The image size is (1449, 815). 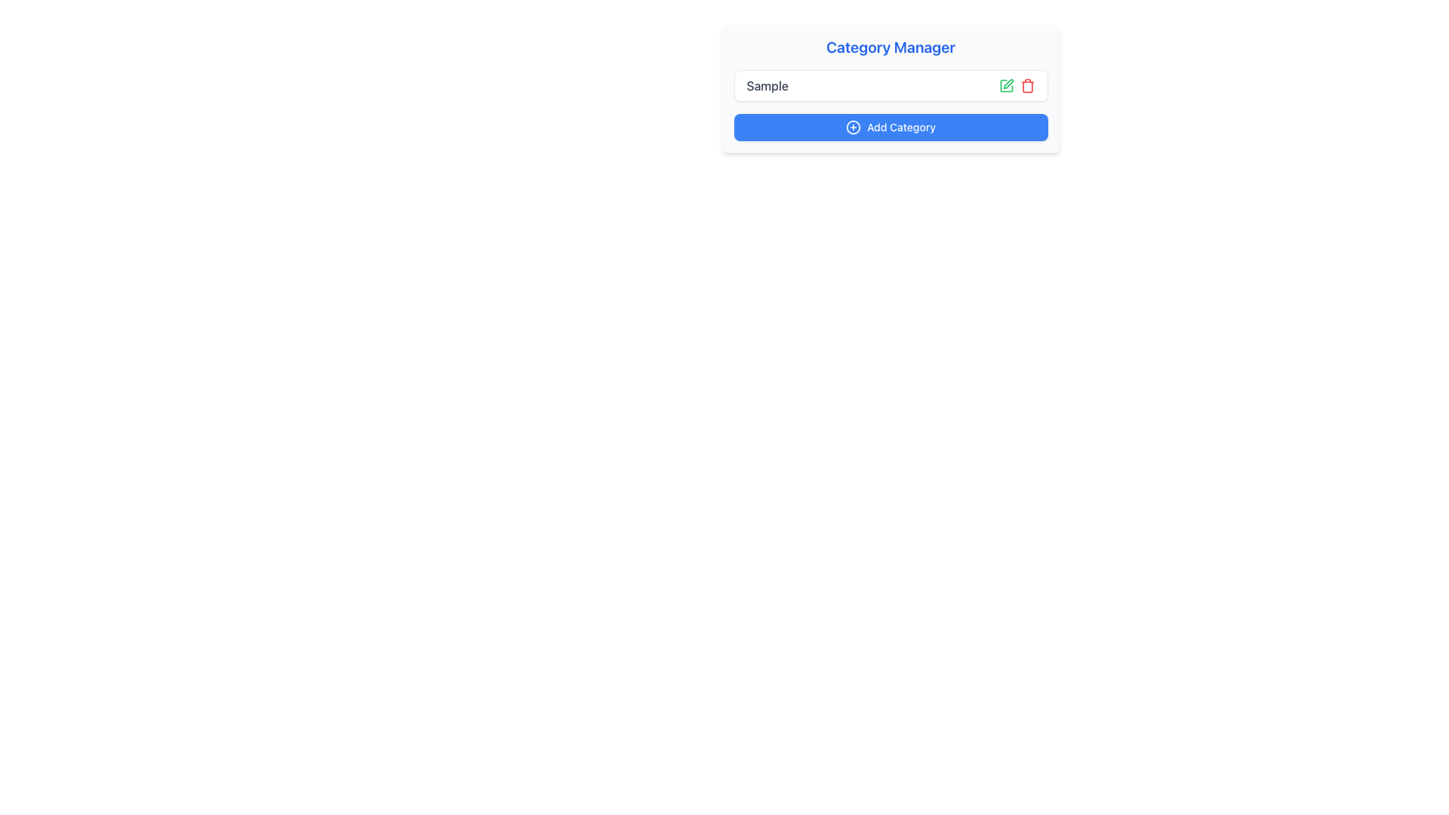 What do you see at coordinates (891, 127) in the screenshot?
I see `the 'Add Category' button, which is a blue rectangular button with rounded corners and white text` at bounding box center [891, 127].